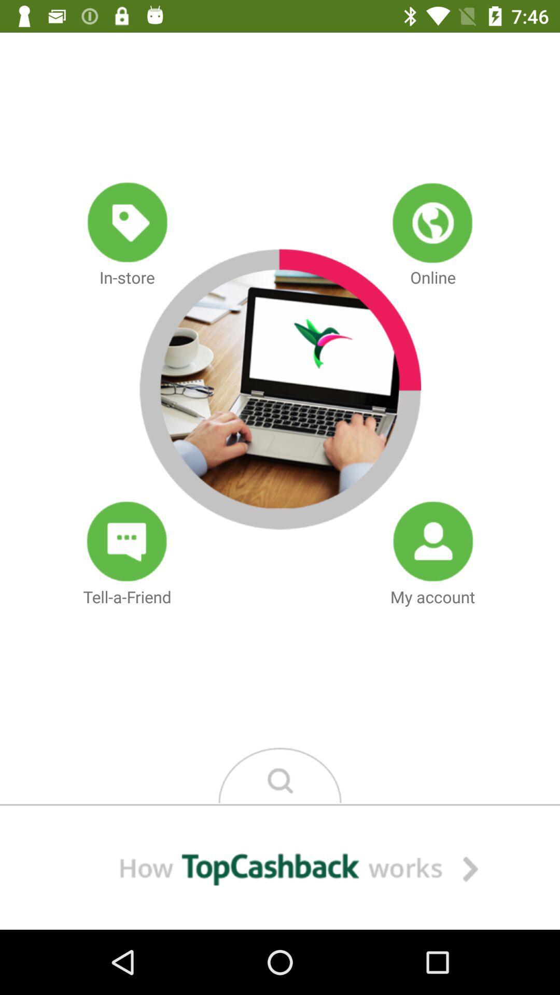 This screenshot has height=995, width=560. What do you see at coordinates (432, 541) in the screenshot?
I see `the avatar icon` at bounding box center [432, 541].